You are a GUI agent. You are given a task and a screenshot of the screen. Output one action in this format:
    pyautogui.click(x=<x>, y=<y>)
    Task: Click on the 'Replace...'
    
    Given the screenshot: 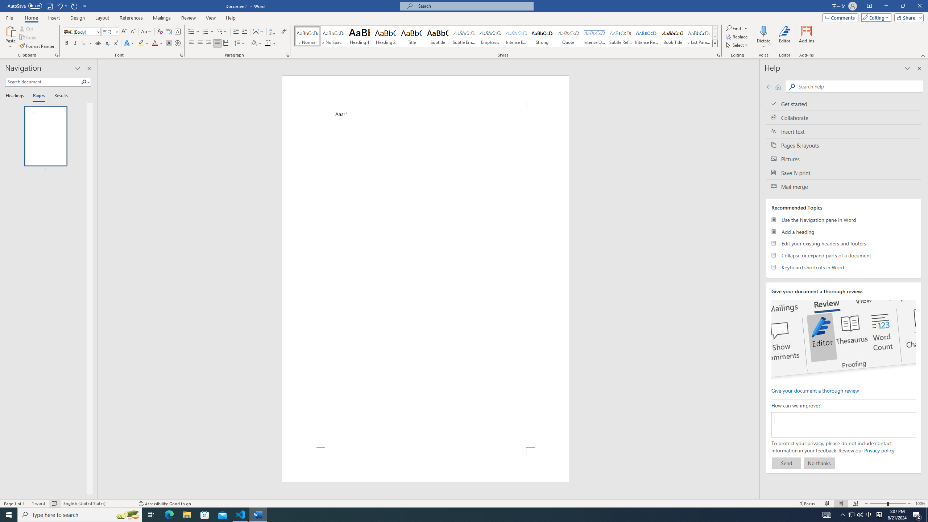 What is the action you would take?
    pyautogui.click(x=737, y=36)
    